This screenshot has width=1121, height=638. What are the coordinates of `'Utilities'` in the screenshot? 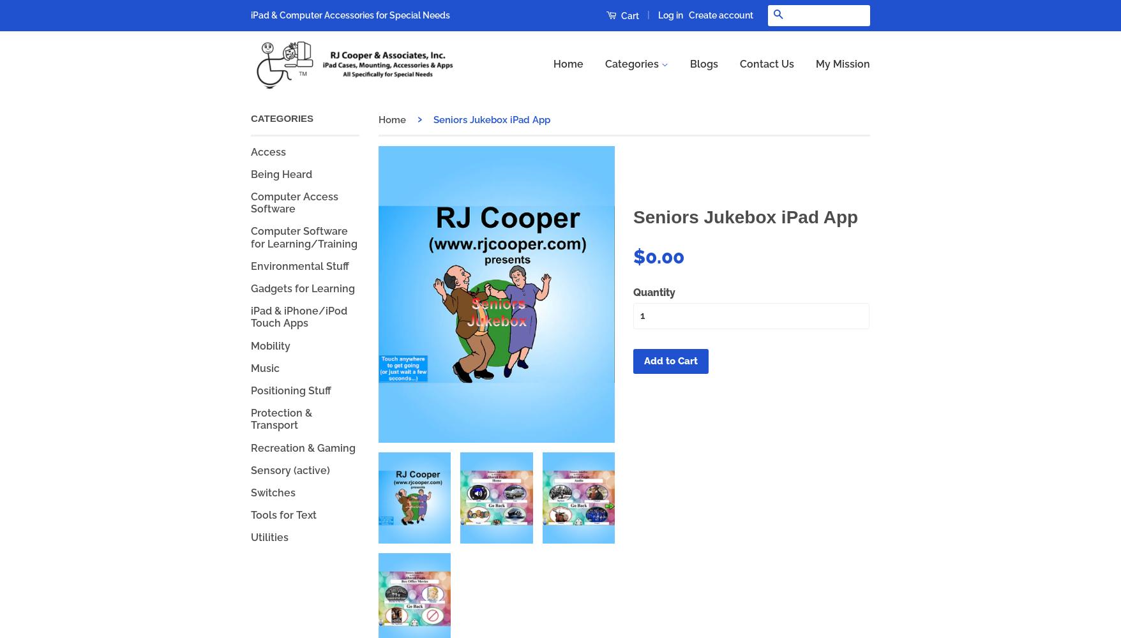 It's located at (250, 537).